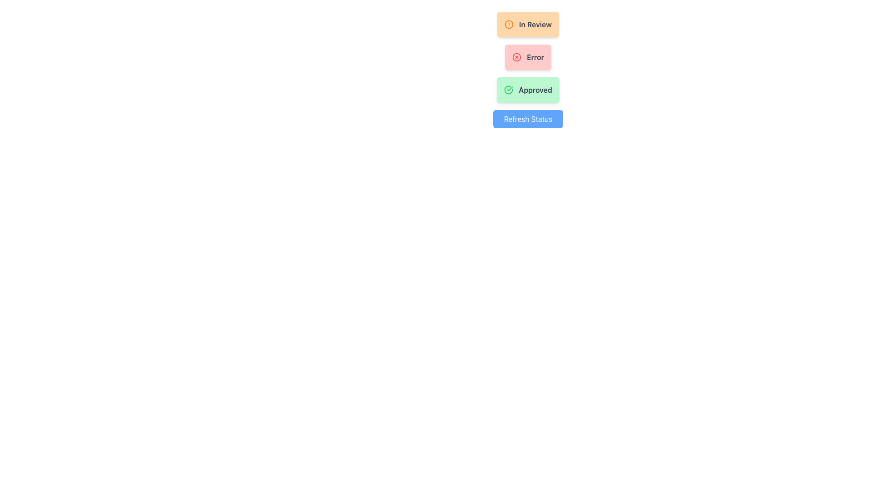  I want to click on the refresh button located directly below the 'Approved' button to refresh the status information of the application, so click(528, 119).